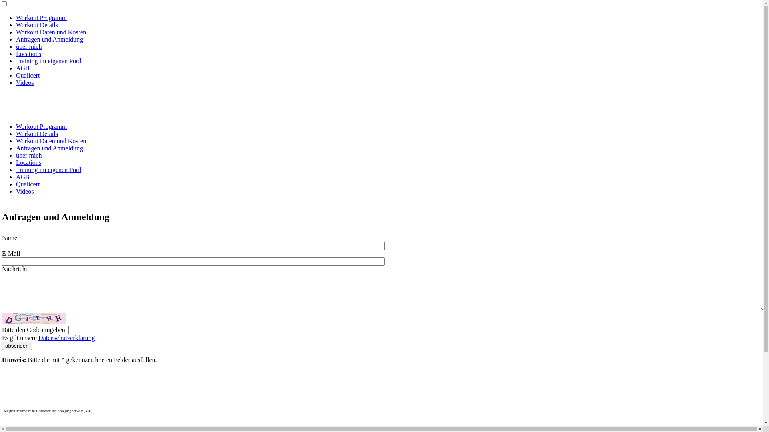 The image size is (769, 432). What do you see at coordinates (49, 148) in the screenshot?
I see `'Anfragen und Anmeldung'` at bounding box center [49, 148].